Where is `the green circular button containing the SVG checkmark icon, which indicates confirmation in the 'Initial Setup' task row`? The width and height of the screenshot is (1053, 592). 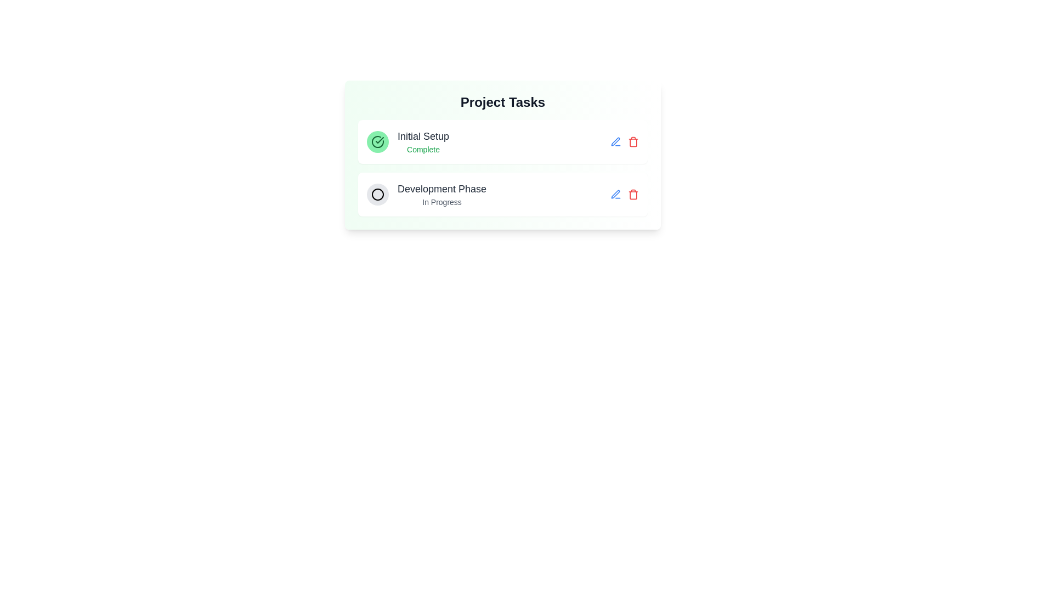
the green circular button containing the SVG checkmark icon, which indicates confirmation in the 'Initial Setup' task row is located at coordinates (378, 141).